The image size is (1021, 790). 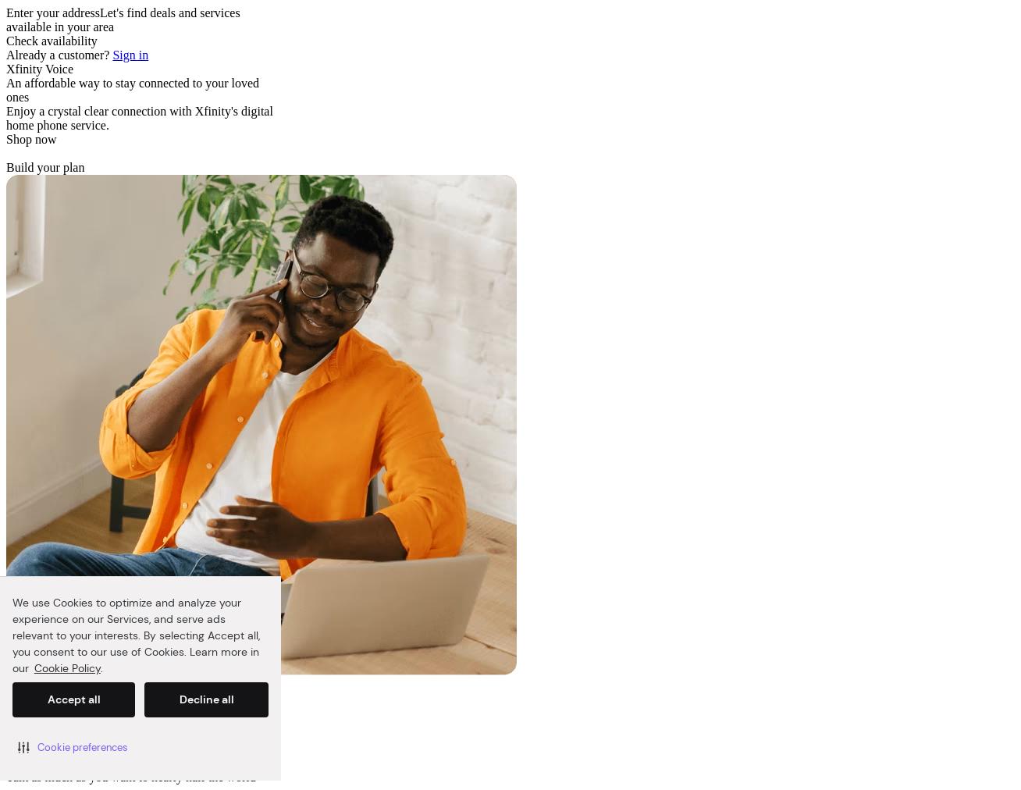 What do you see at coordinates (99, 667) in the screenshot?
I see `'.'` at bounding box center [99, 667].